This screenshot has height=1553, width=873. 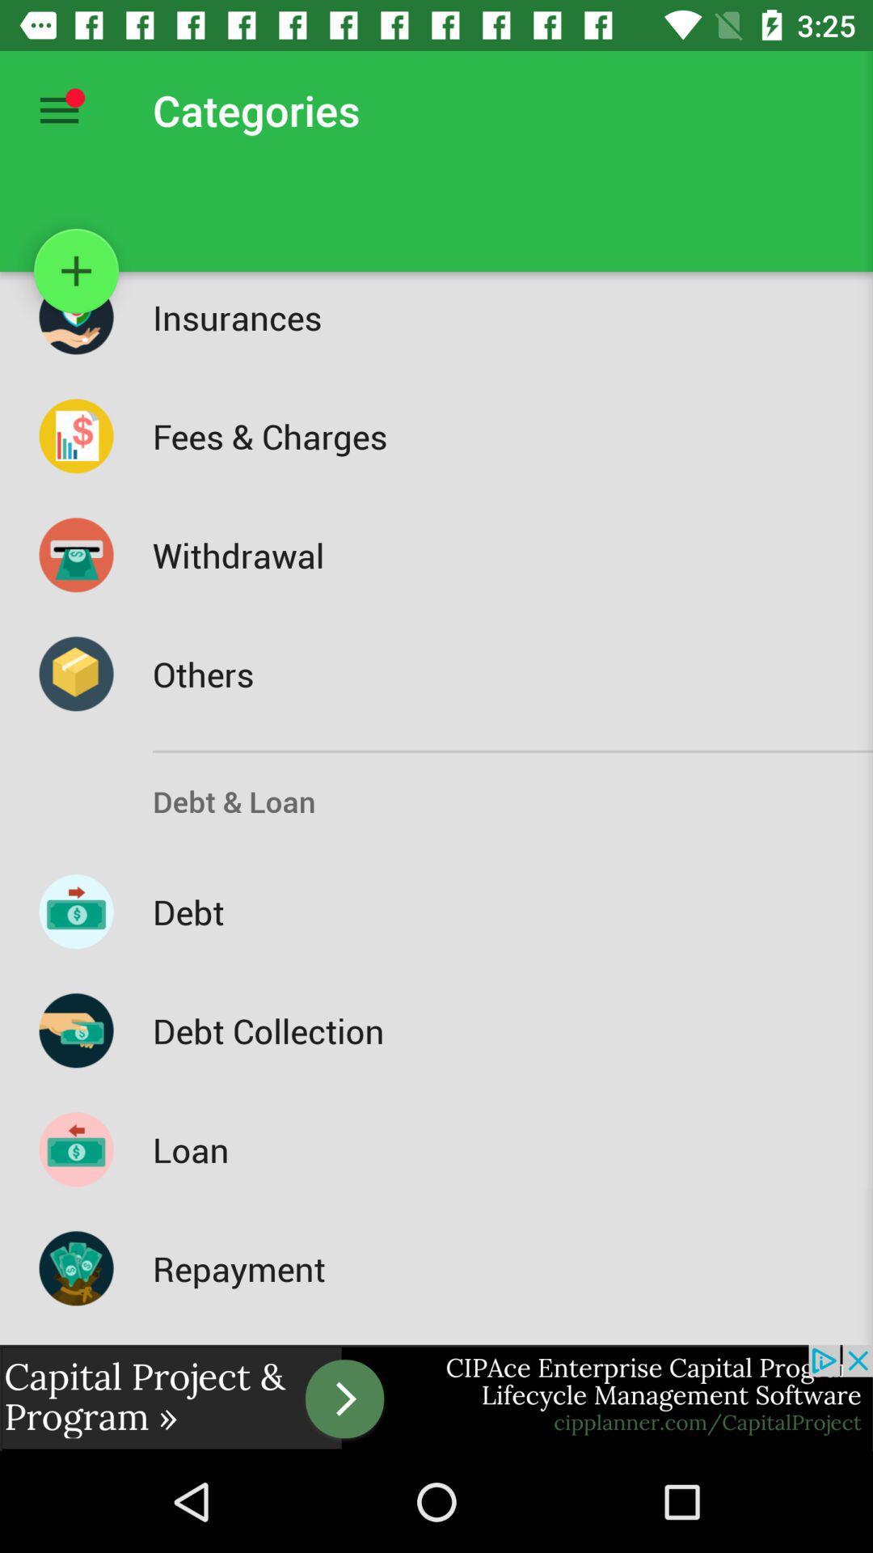 I want to click on settings, so click(x=58, y=109).